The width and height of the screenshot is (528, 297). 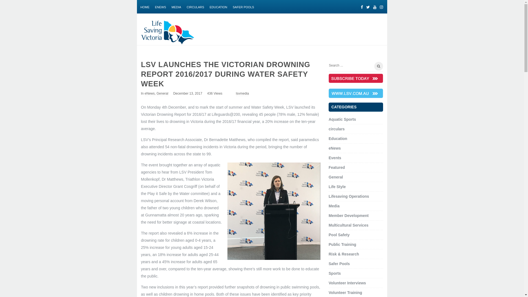 What do you see at coordinates (176, 7) in the screenshot?
I see `'MEDIA'` at bounding box center [176, 7].